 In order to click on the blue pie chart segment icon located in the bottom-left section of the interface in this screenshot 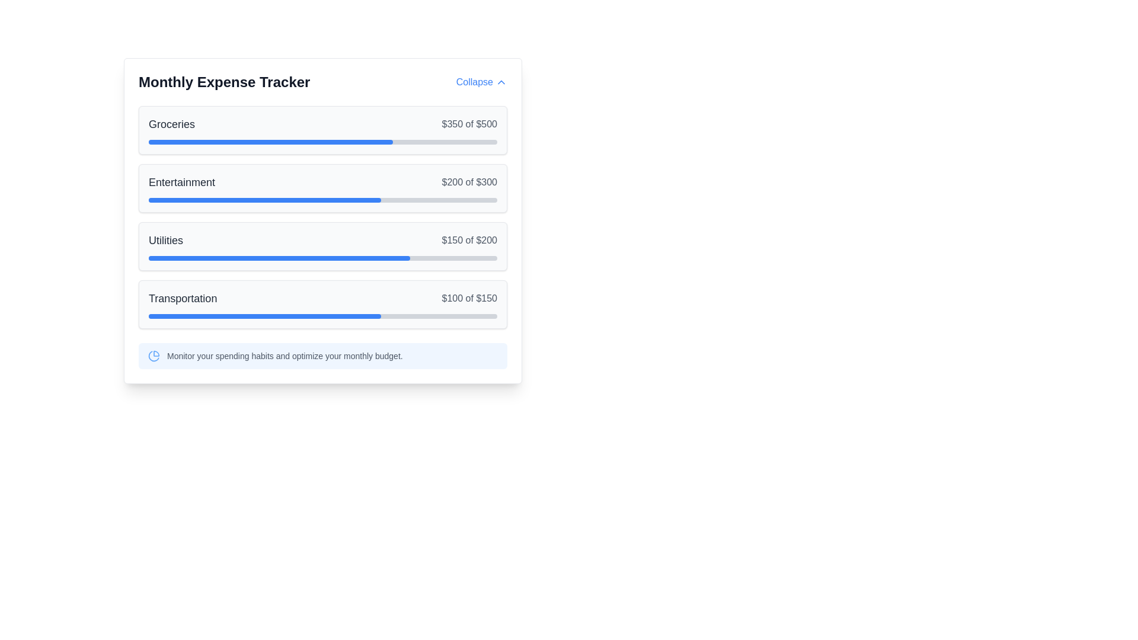, I will do `click(153, 356)`.